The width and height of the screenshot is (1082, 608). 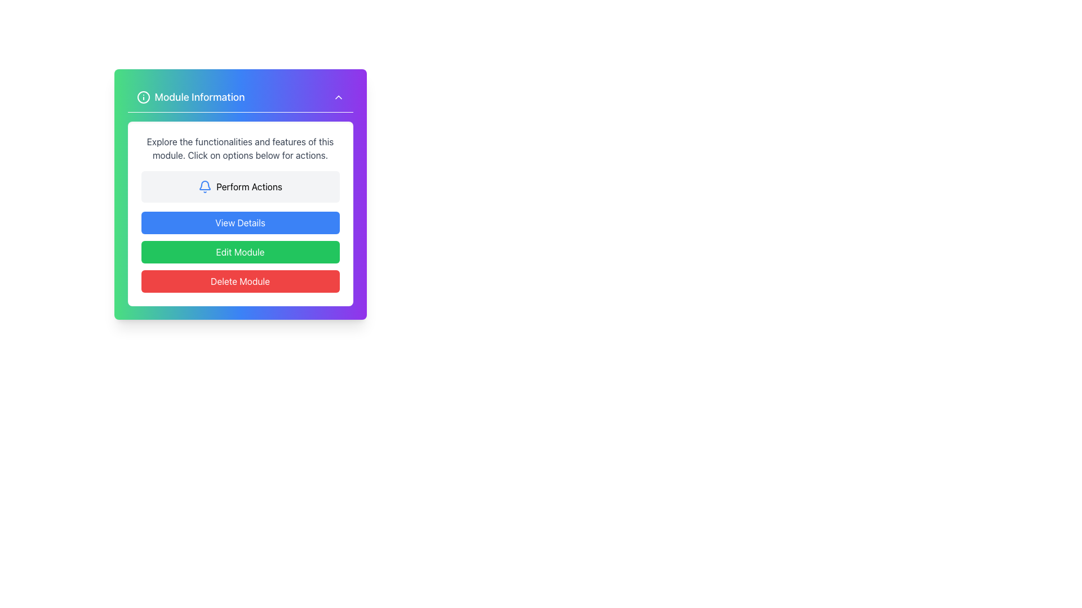 I want to click on the header or title located at the top of the colorful box, which likely summarizes its purpose or provides interaction for further information, so click(x=240, y=97).